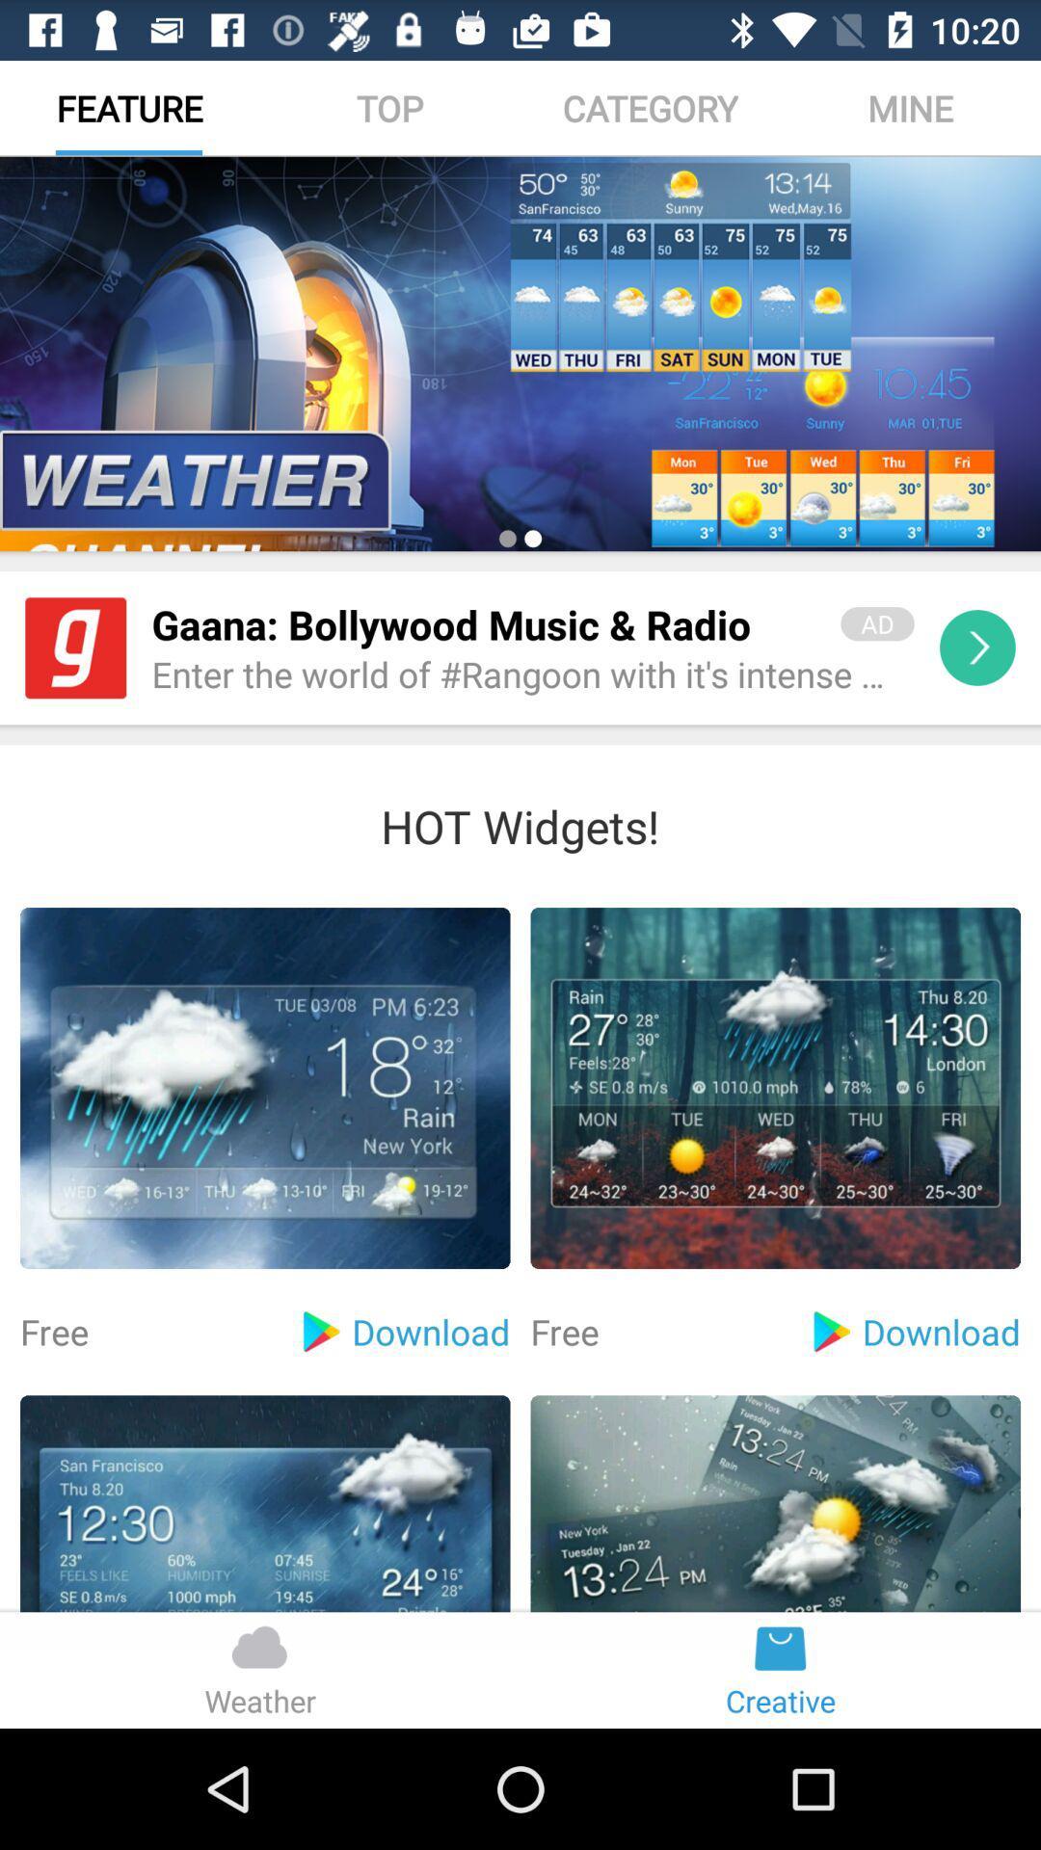  What do you see at coordinates (520, 354) in the screenshot?
I see `the icon below feature icon` at bounding box center [520, 354].